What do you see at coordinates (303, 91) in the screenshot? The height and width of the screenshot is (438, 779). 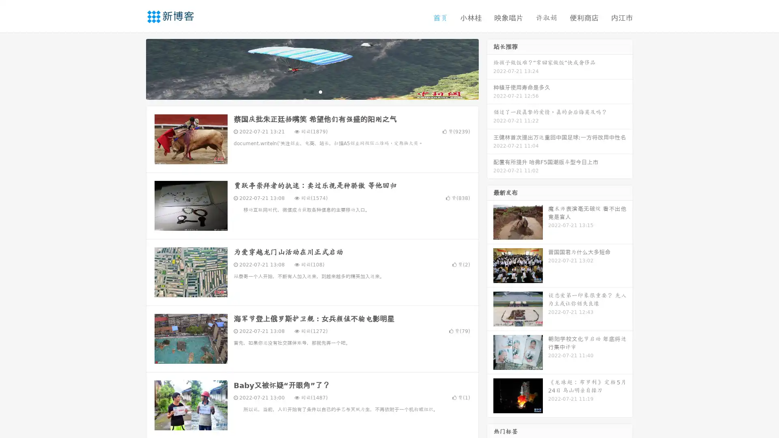 I see `Go to slide 1` at bounding box center [303, 91].